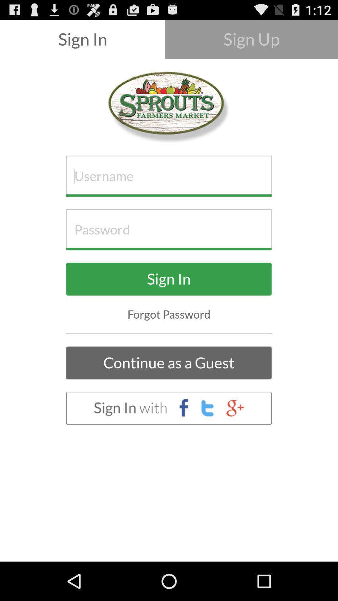 This screenshot has width=338, height=601. Describe the element at coordinates (169, 314) in the screenshot. I see `forgot password app` at that location.